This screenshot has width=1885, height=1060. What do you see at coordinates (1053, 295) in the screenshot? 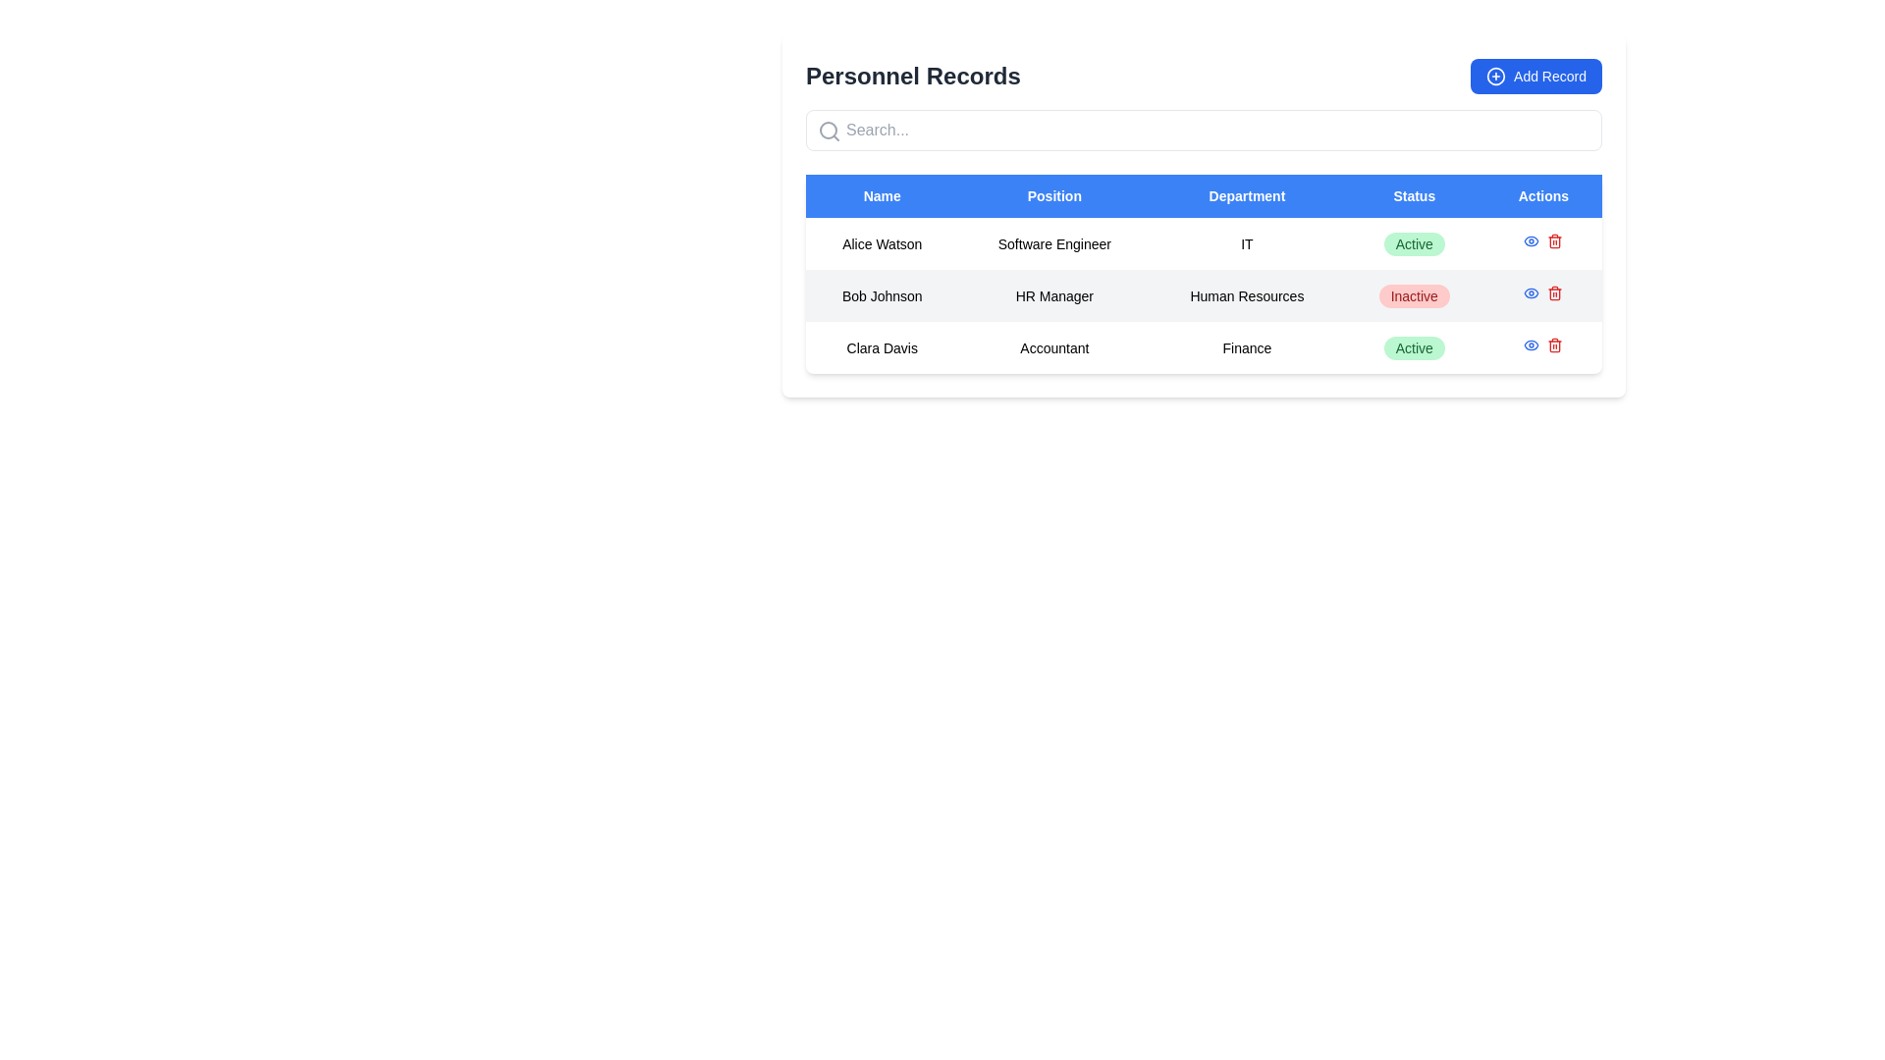
I see `the text label displaying 'HR Manager' located in the 'Position' column of the 'Personnel Records' table for 'Bob Johnson'` at bounding box center [1053, 295].